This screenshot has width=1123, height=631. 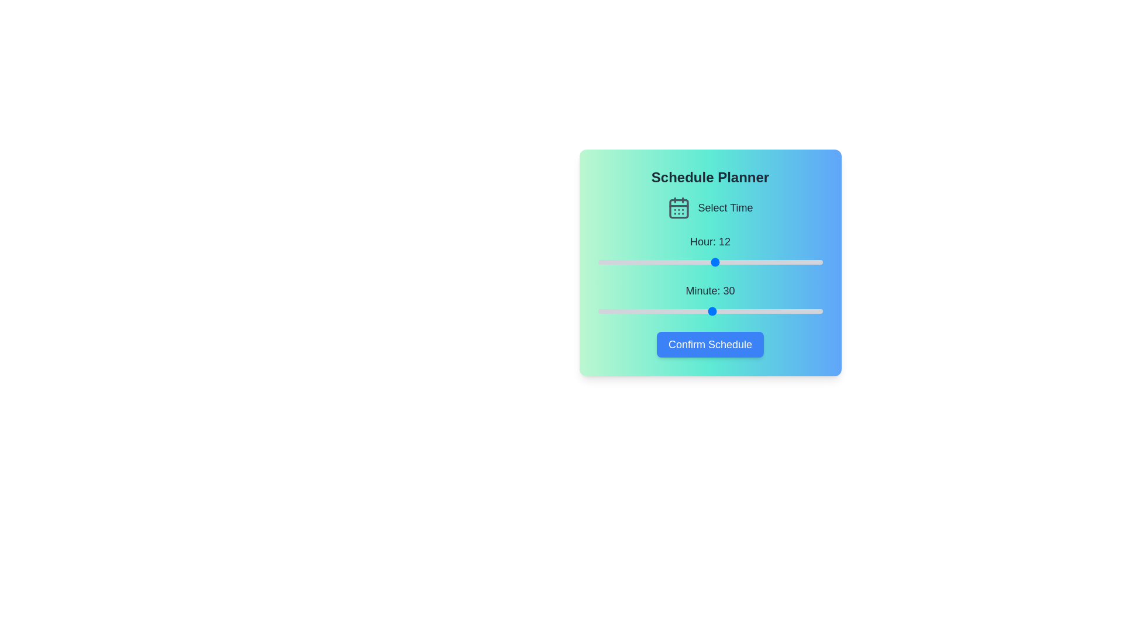 I want to click on the 'Select Time' icon to initiate the time selection process, so click(x=679, y=207).